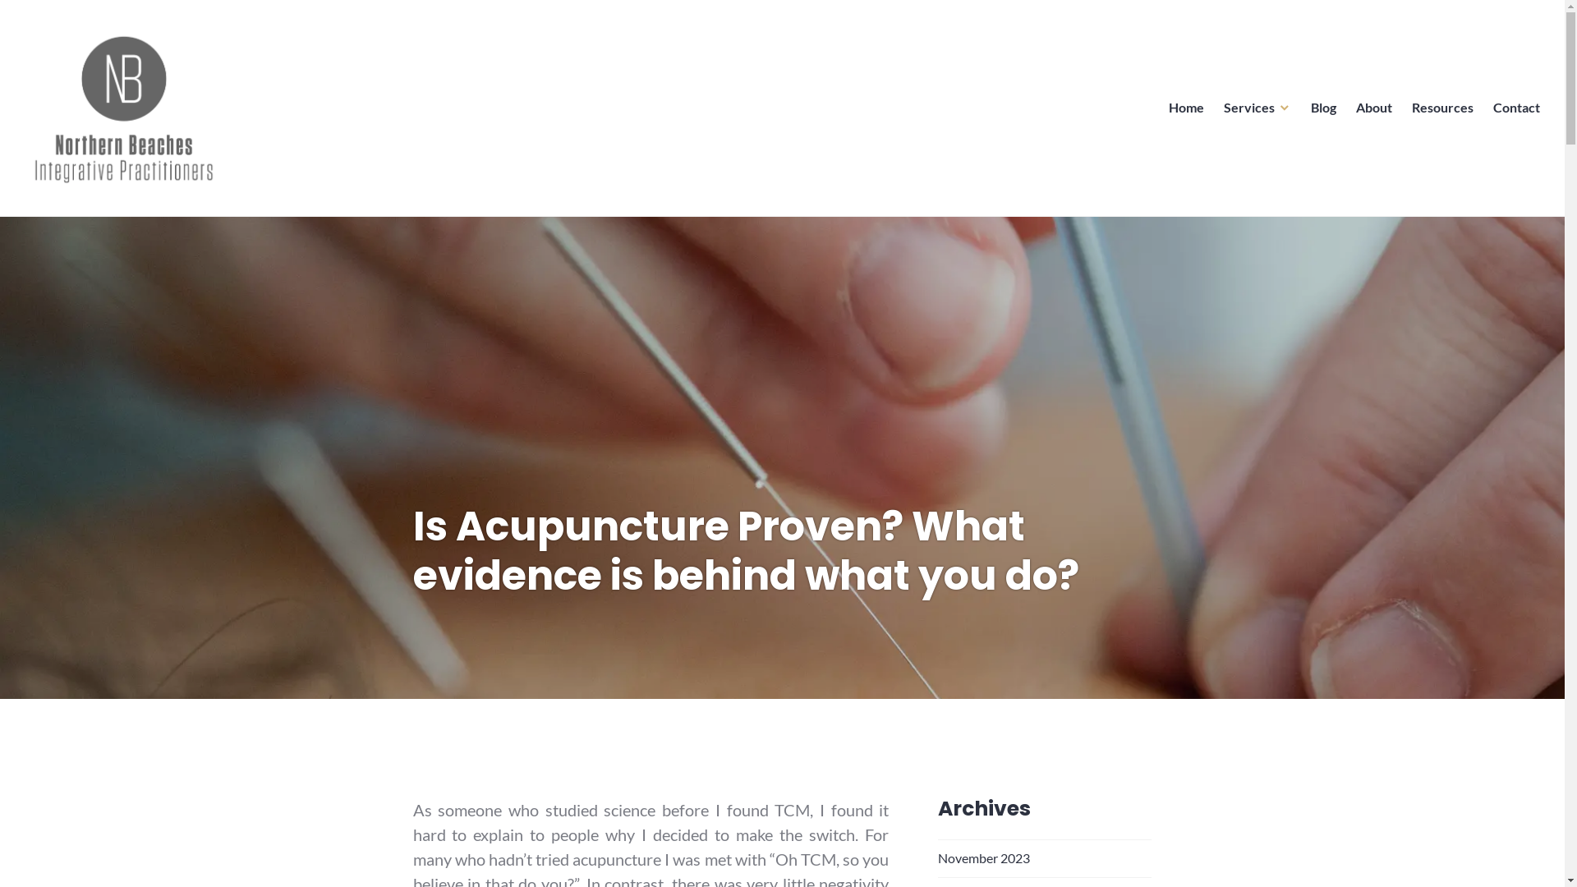 The width and height of the screenshot is (1577, 887). What do you see at coordinates (1186, 108) in the screenshot?
I see `'Home'` at bounding box center [1186, 108].